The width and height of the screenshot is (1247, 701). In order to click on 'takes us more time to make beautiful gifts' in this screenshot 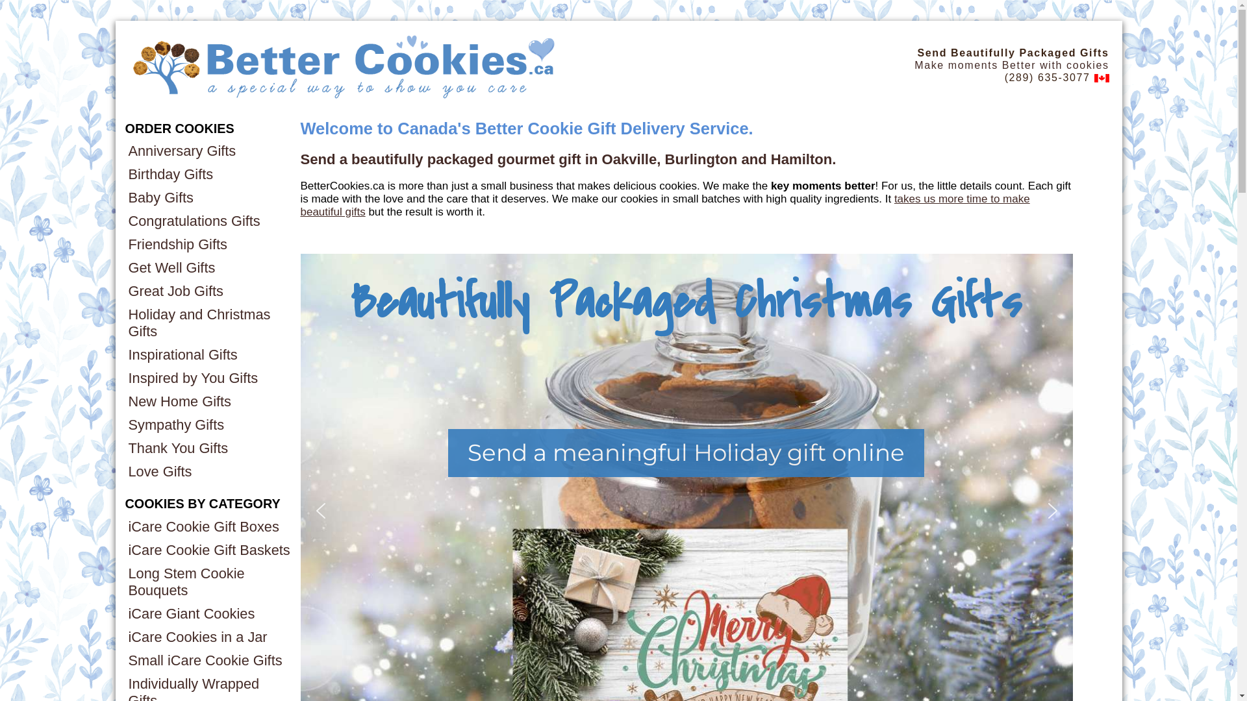, I will do `click(664, 204)`.